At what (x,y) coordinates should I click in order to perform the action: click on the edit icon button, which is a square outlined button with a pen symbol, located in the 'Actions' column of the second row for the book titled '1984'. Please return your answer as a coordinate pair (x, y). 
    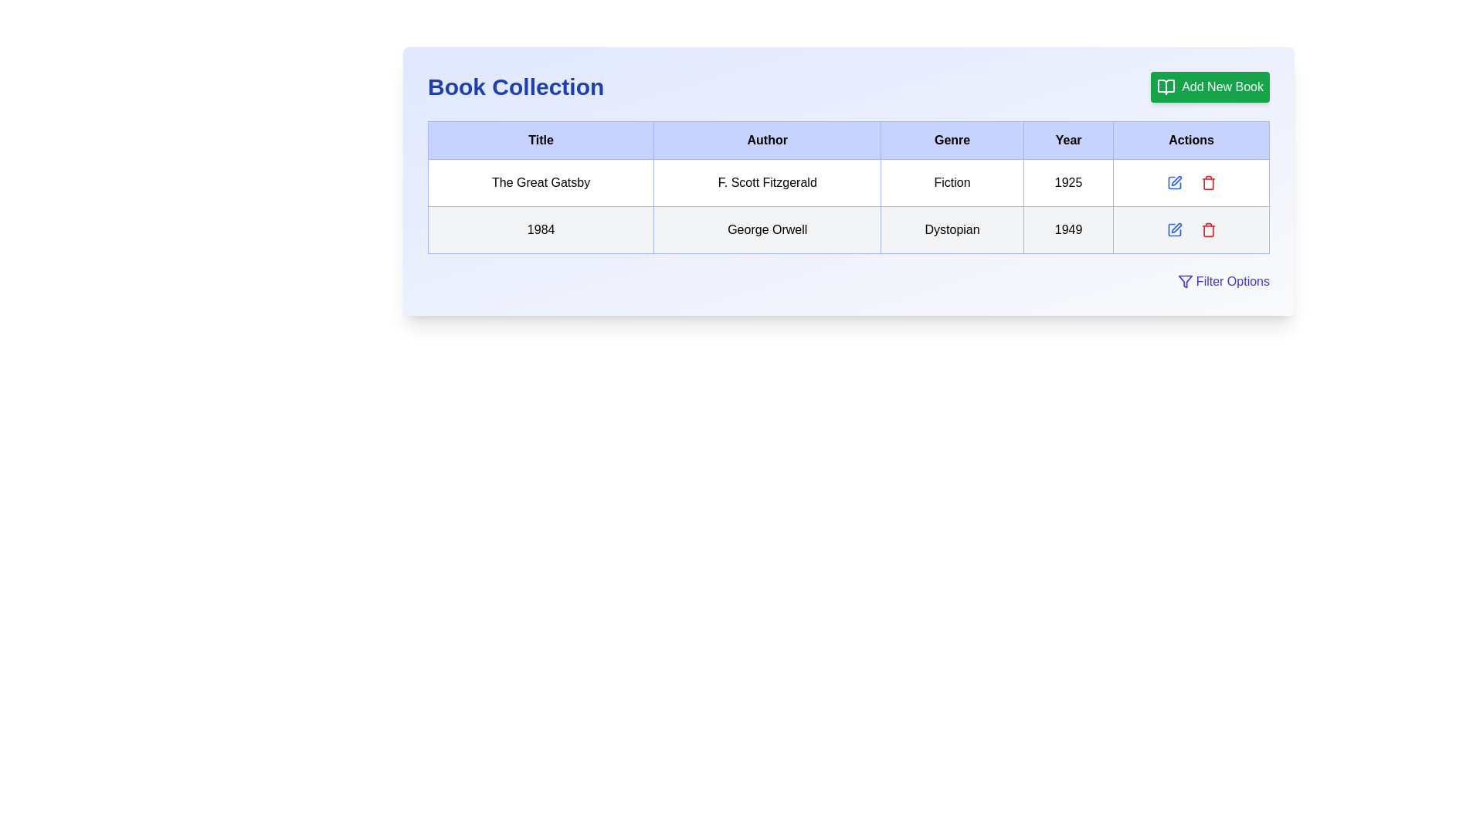
    Looking at the image, I should click on (1174, 229).